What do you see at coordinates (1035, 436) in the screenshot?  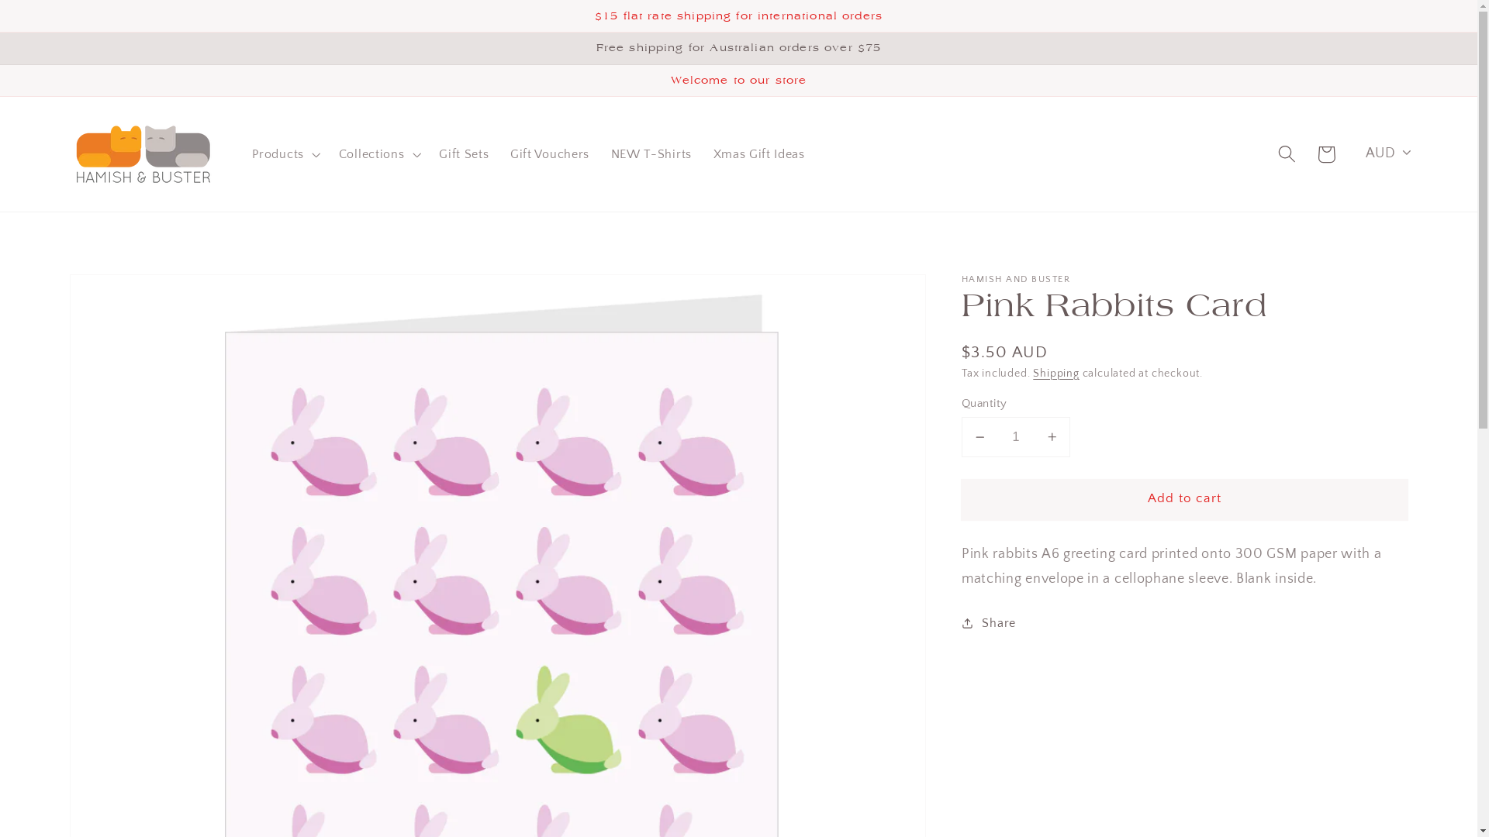 I see `'Increase quantity for Pink Rabbits Card'` at bounding box center [1035, 436].